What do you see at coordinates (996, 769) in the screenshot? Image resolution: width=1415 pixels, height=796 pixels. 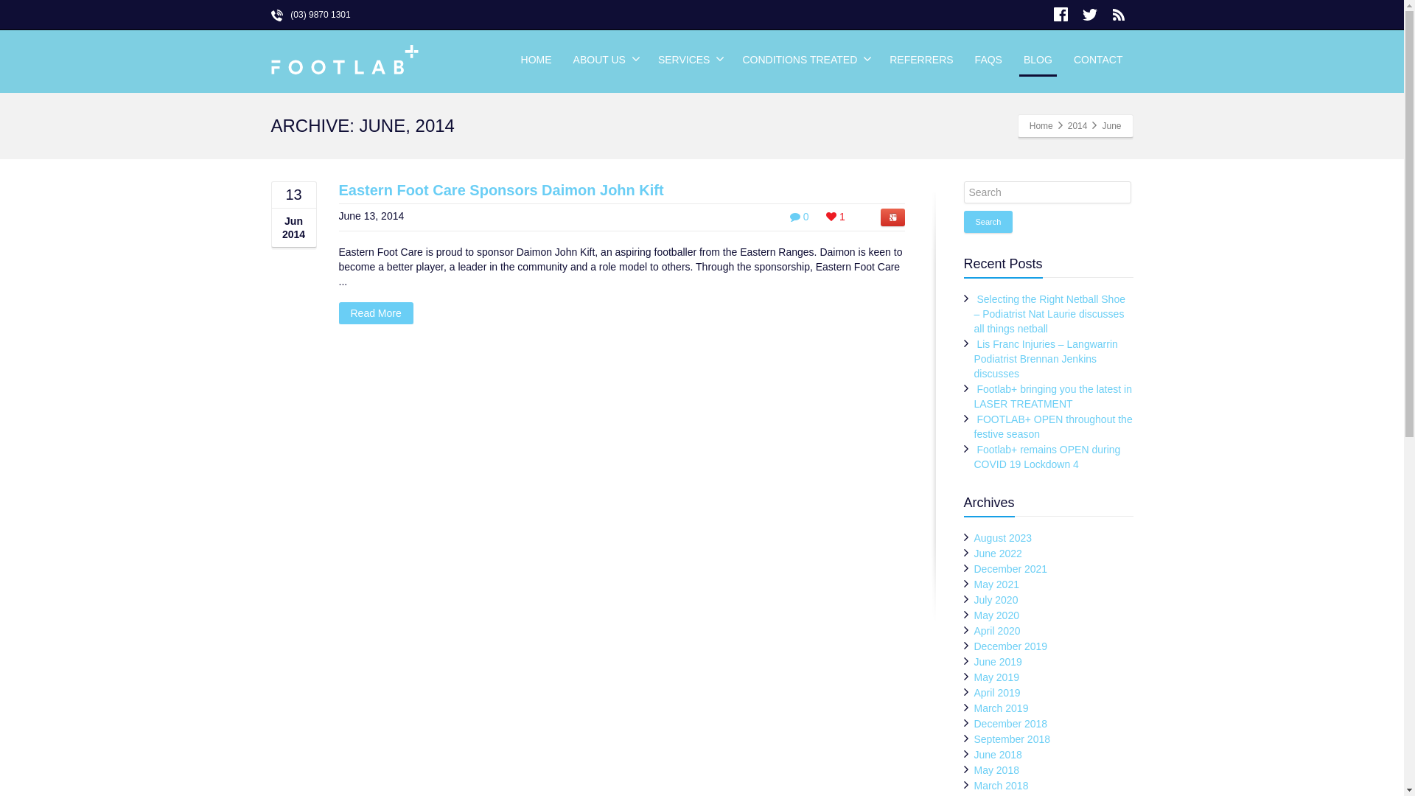 I see `'May 2018'` at bounding box center [996, 769].